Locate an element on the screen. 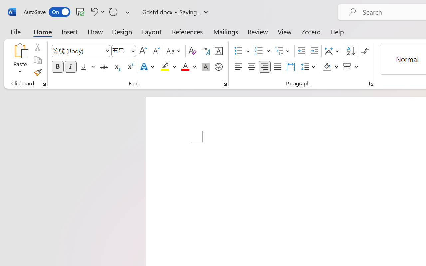 The height and width of the screenshot is (266, 426). 'Align Left' is located at coordinates (238, 67).